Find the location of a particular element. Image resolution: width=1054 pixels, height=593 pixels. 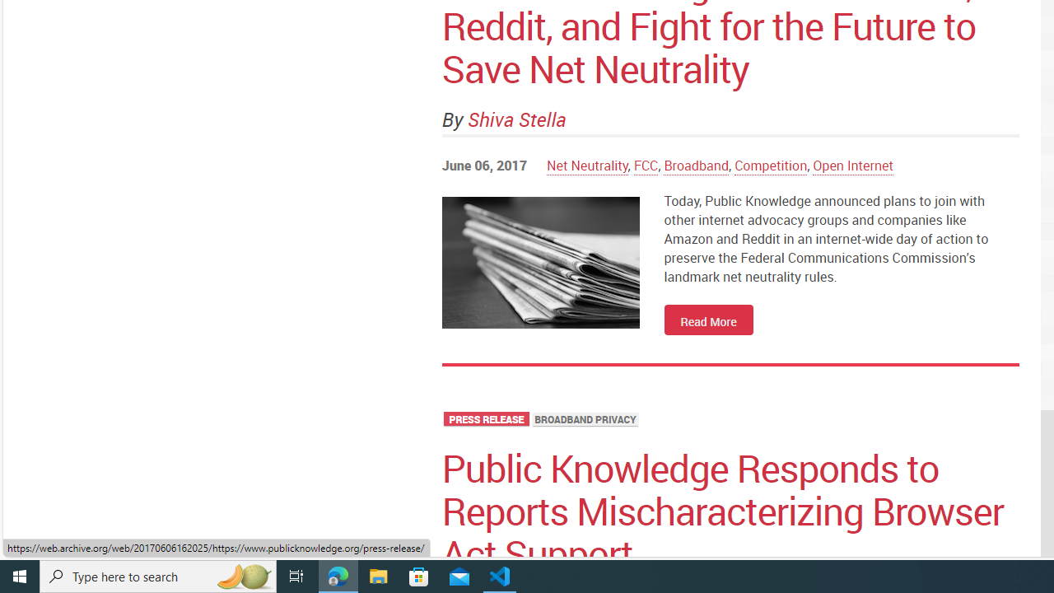

'Shiva Stella' is located at coordinates (516, 119).